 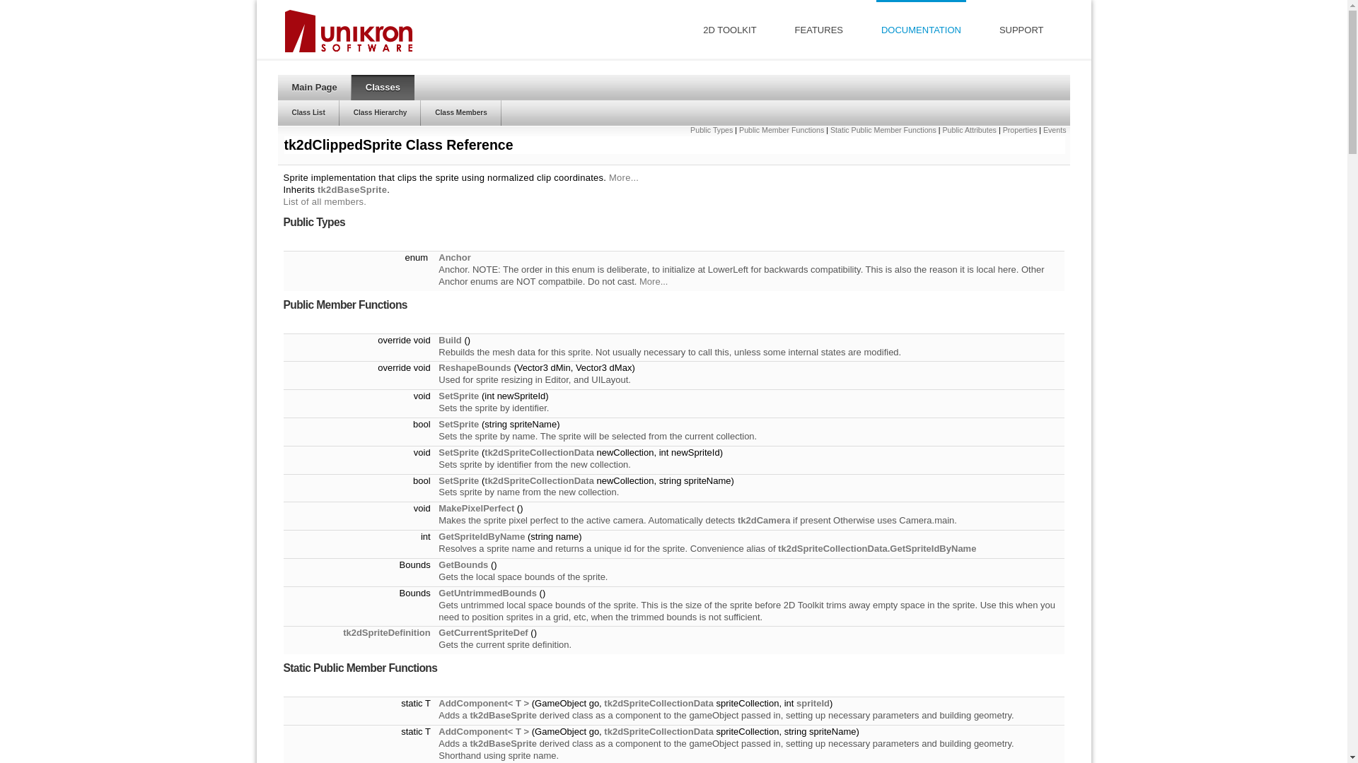 I want to click on 'Anchor', so click(x=455, y=257).